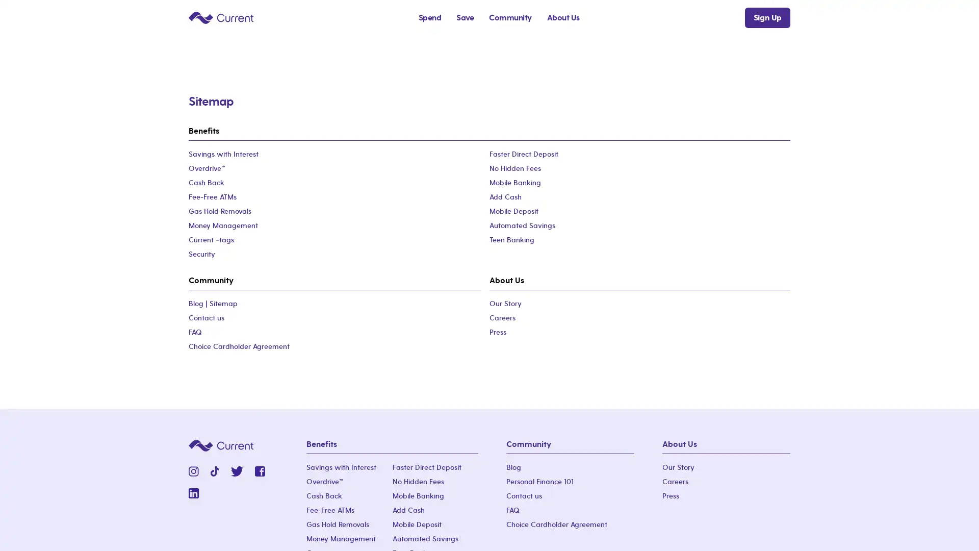 The height and width of the screenshot is (551, 979). Describe the element at coordinates (678, 468) in the screenshot. I see `Our Story` at that location.